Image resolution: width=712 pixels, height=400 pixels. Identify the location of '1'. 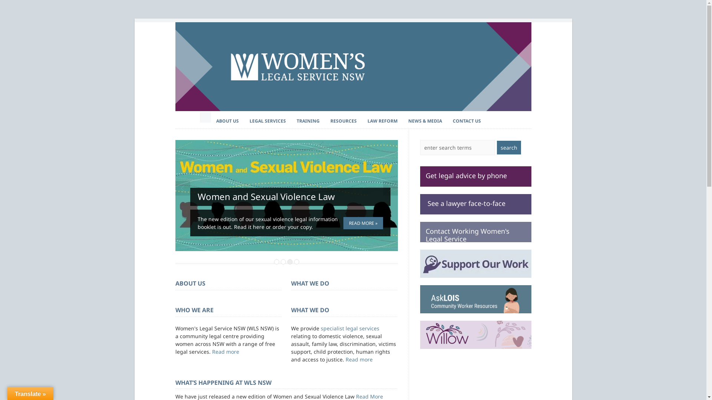
(273, 261).